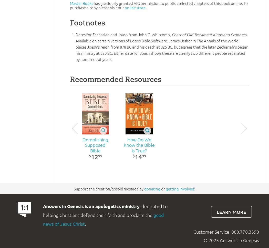 The image size is (269, 248). What do you see at coordinates (123, 34) in the screenshot?
I see `'Dates for Zechariah and Joash from John C. Whitcomb,'` at bounding box center [123, 34].